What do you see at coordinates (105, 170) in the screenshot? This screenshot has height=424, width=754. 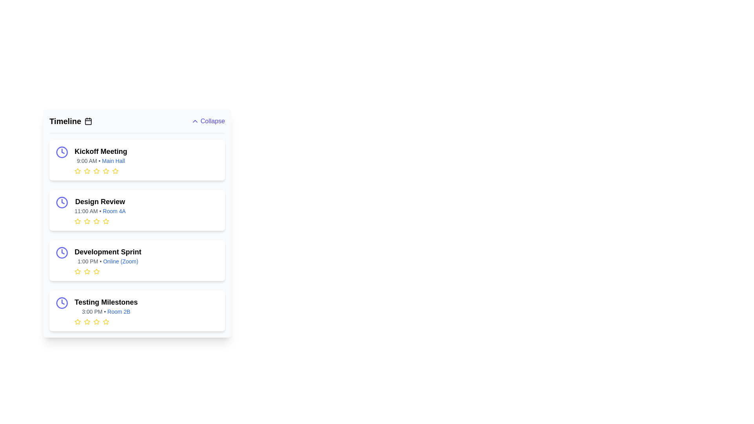 I see `the second yellow outline star icon in the rating system below the 'Kickoff Meeting' section in the 'Timeline' interface` at bounding box center [105, 170].